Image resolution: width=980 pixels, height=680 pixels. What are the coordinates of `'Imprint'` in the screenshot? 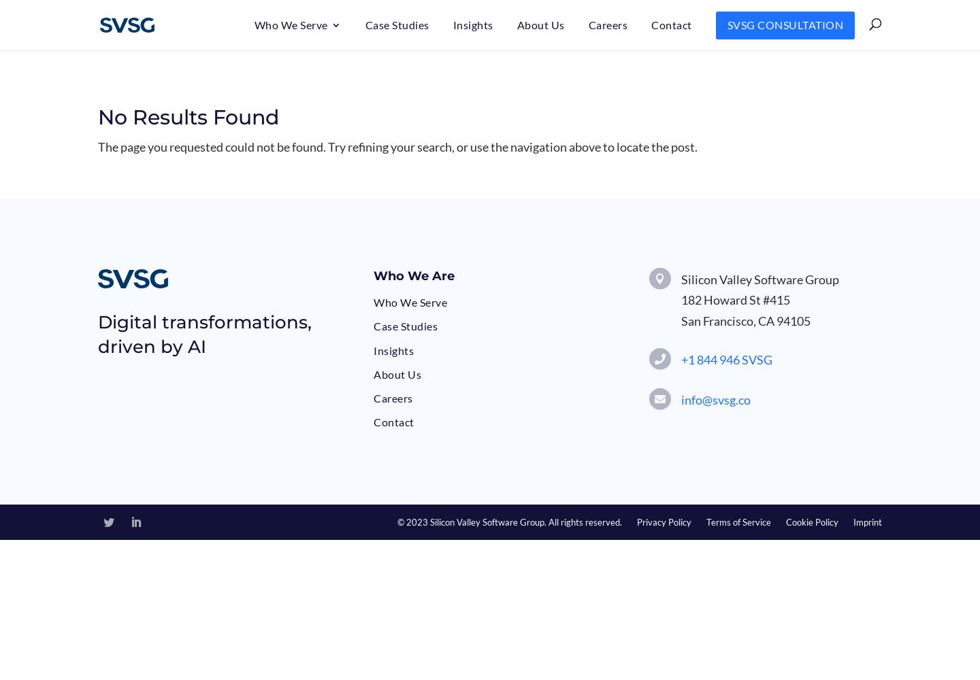 It's located at (852, 522).